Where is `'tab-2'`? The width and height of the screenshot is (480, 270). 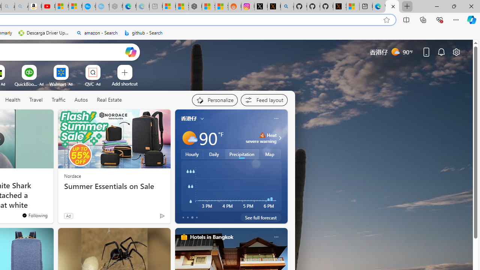 'tab-2' is located at coordinates (192, 217).